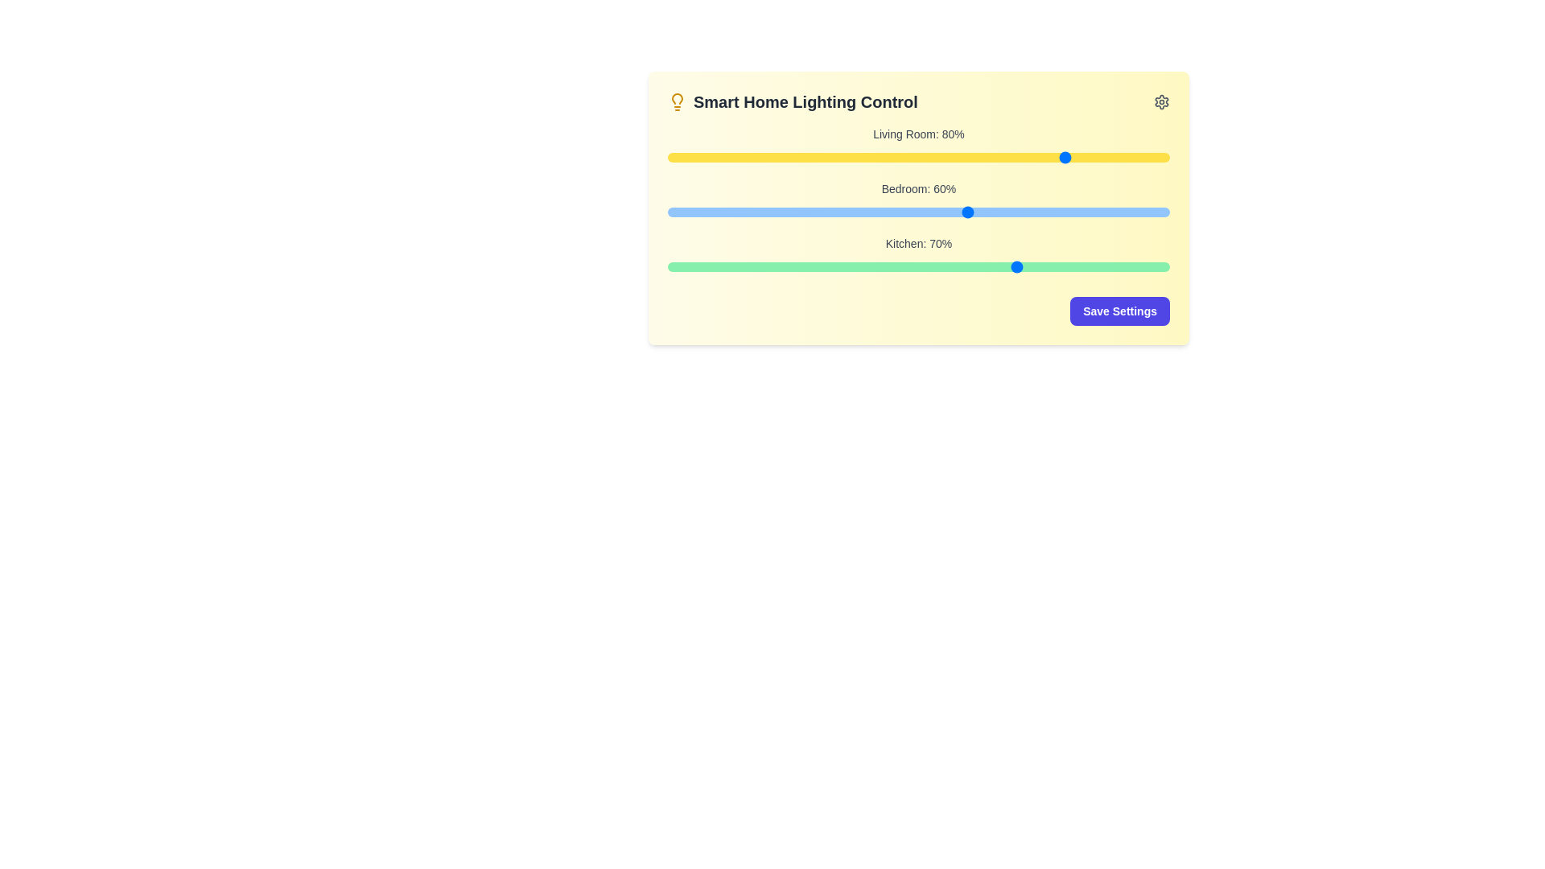 The height and width of the screenshot is (869, 1545). I want to click on the control panel for adjusting smart home lighting settings, so click(919, 207).